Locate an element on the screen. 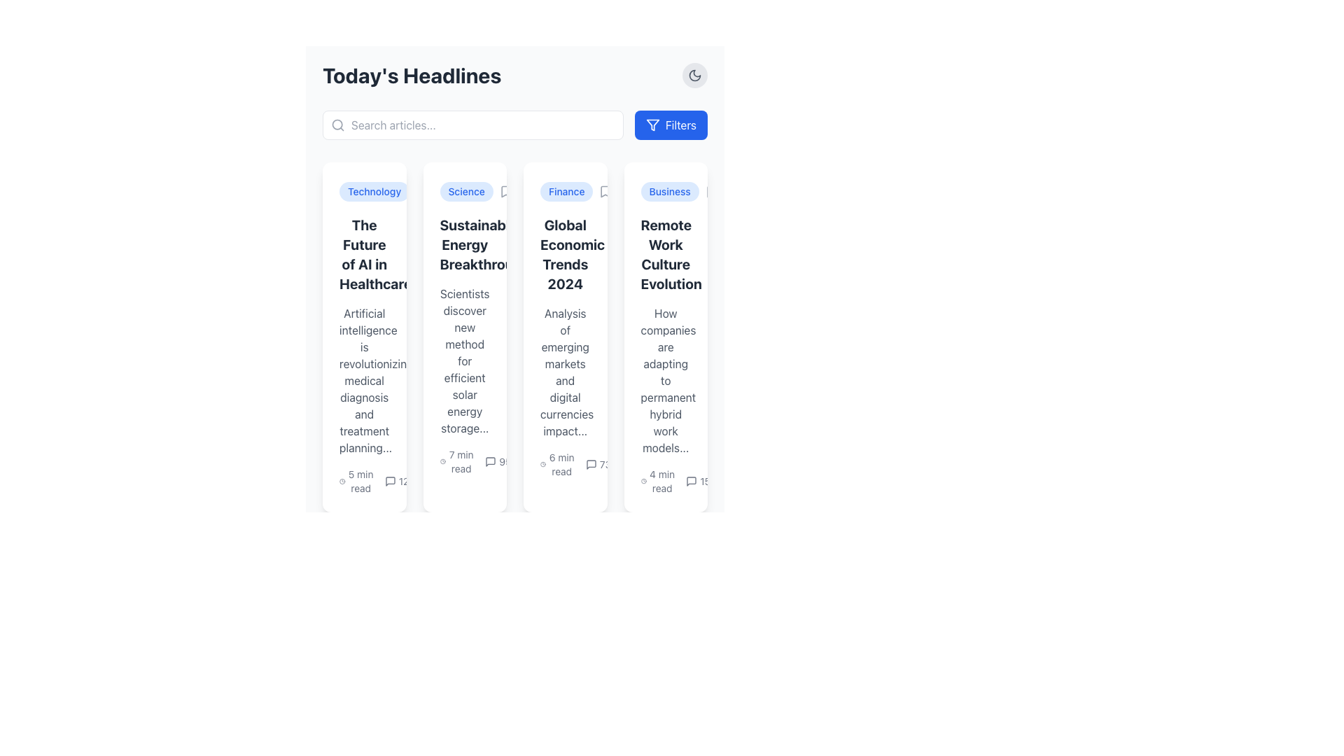 The image size is (1344, 756). the comment or message icon, which is depicted as a speech bubble shape in a plain line style, located near the bottom-right corner of the content block titled 'Global Economic Trends 2024' is located at coordinates (591, 464).